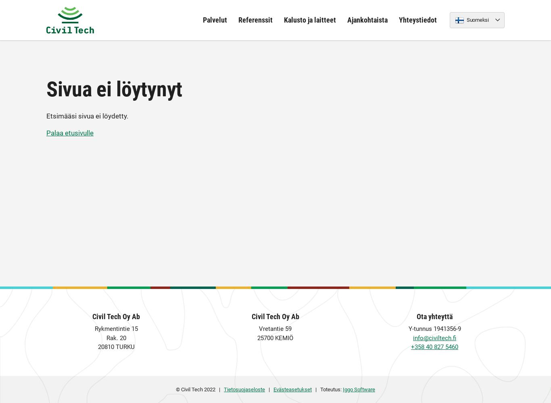 The width and height of the screenshot is (551, 403). Describe the element at coordinates (116, 347) in the screenshot. I see `'20810 TURKU'` at that location.